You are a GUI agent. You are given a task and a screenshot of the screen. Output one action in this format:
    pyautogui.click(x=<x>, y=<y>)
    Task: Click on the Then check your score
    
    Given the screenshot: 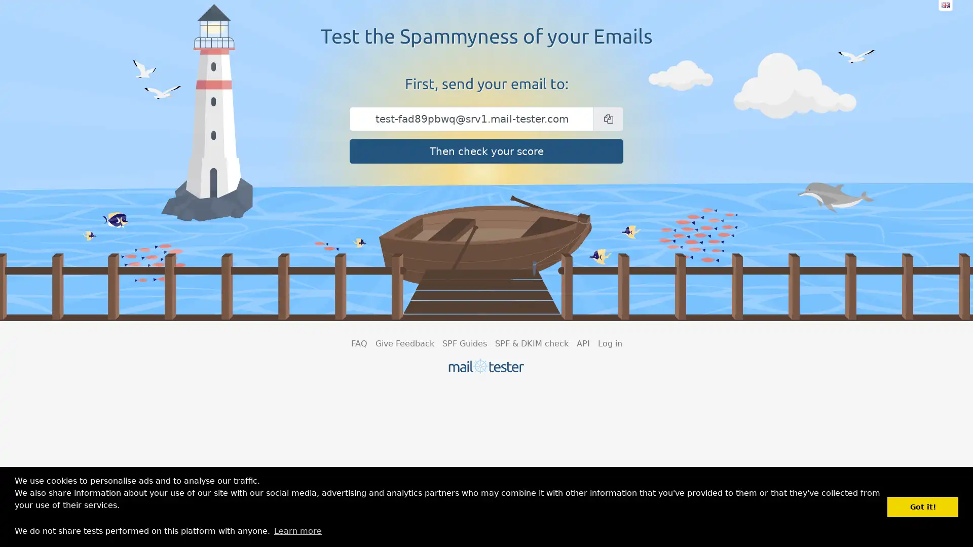 What is the action you would take?
    pyautogui.click(x=486, y=151)
    